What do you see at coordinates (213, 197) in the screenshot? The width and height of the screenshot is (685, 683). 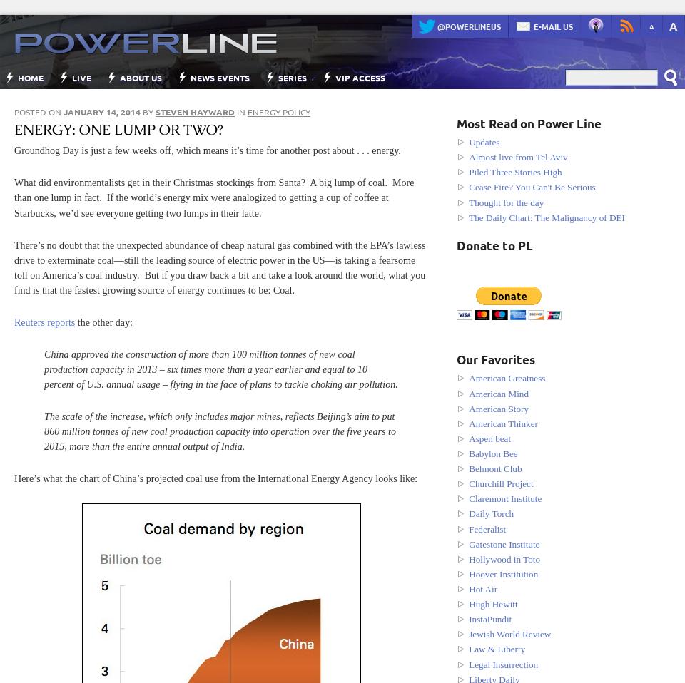 I see `'What did environmentalists get in their Christmas stockings from Santa?  A big lump of coal.  More than one lump in fact.  If the world’s energy mix were analogized to getting a cup of coffee at Starbucks, we’d see everyone getting two lumps in their latte.'` at bounding box center [213, 197].